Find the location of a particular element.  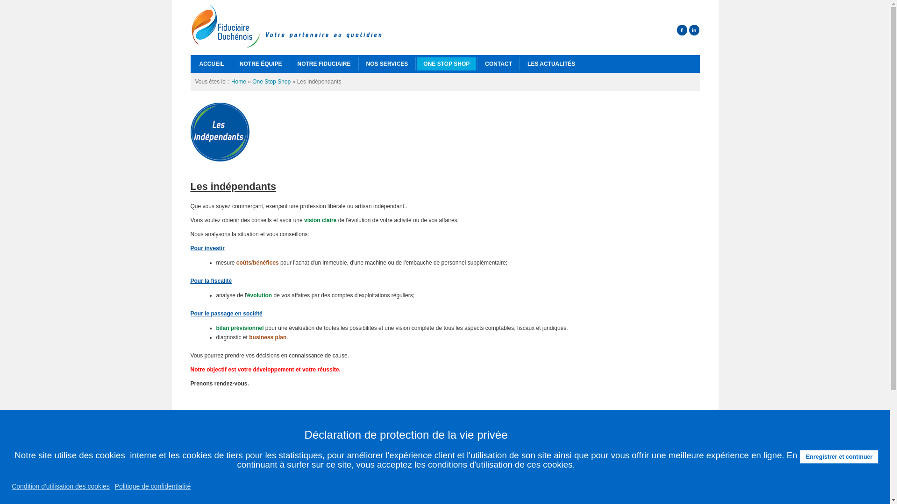

'ACCUEIL' is located at coordinates (211, 63).